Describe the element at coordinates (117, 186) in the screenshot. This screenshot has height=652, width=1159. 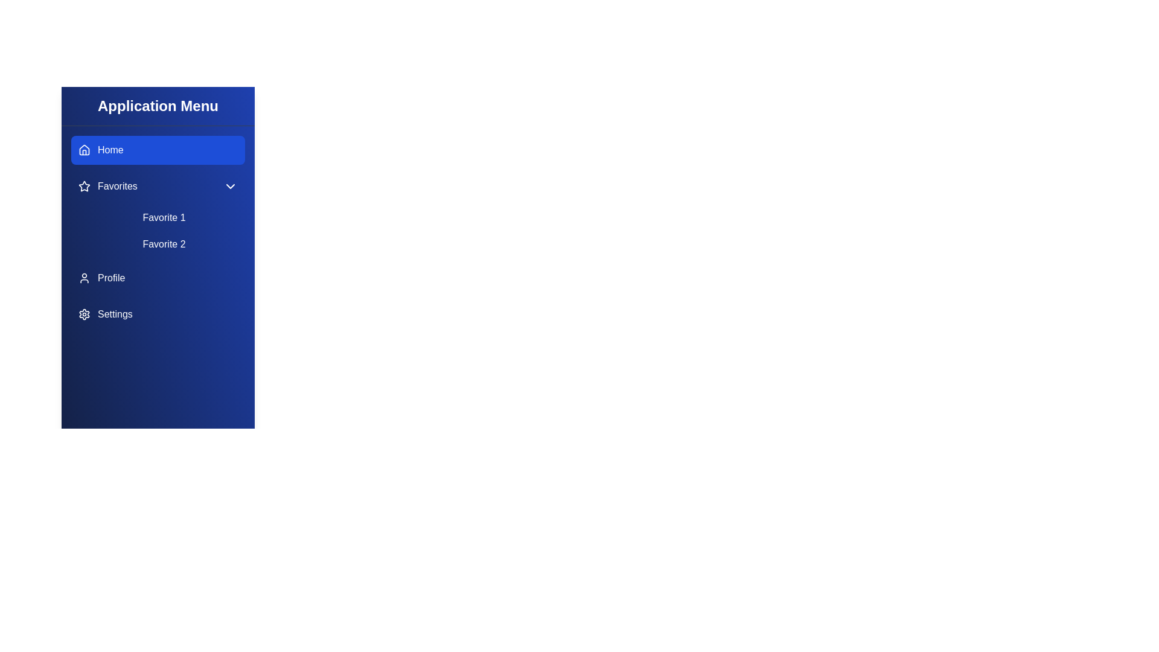
I see `the 'Favorites' text label in the vertical navigation menu` at that location.